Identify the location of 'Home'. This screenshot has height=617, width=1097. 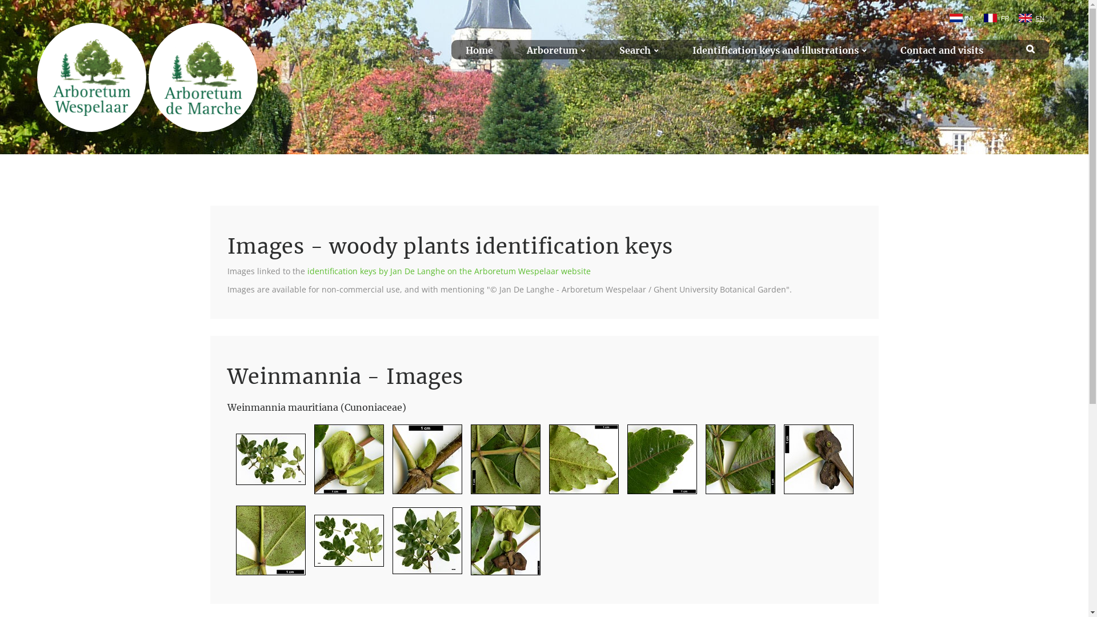
(479, 50).